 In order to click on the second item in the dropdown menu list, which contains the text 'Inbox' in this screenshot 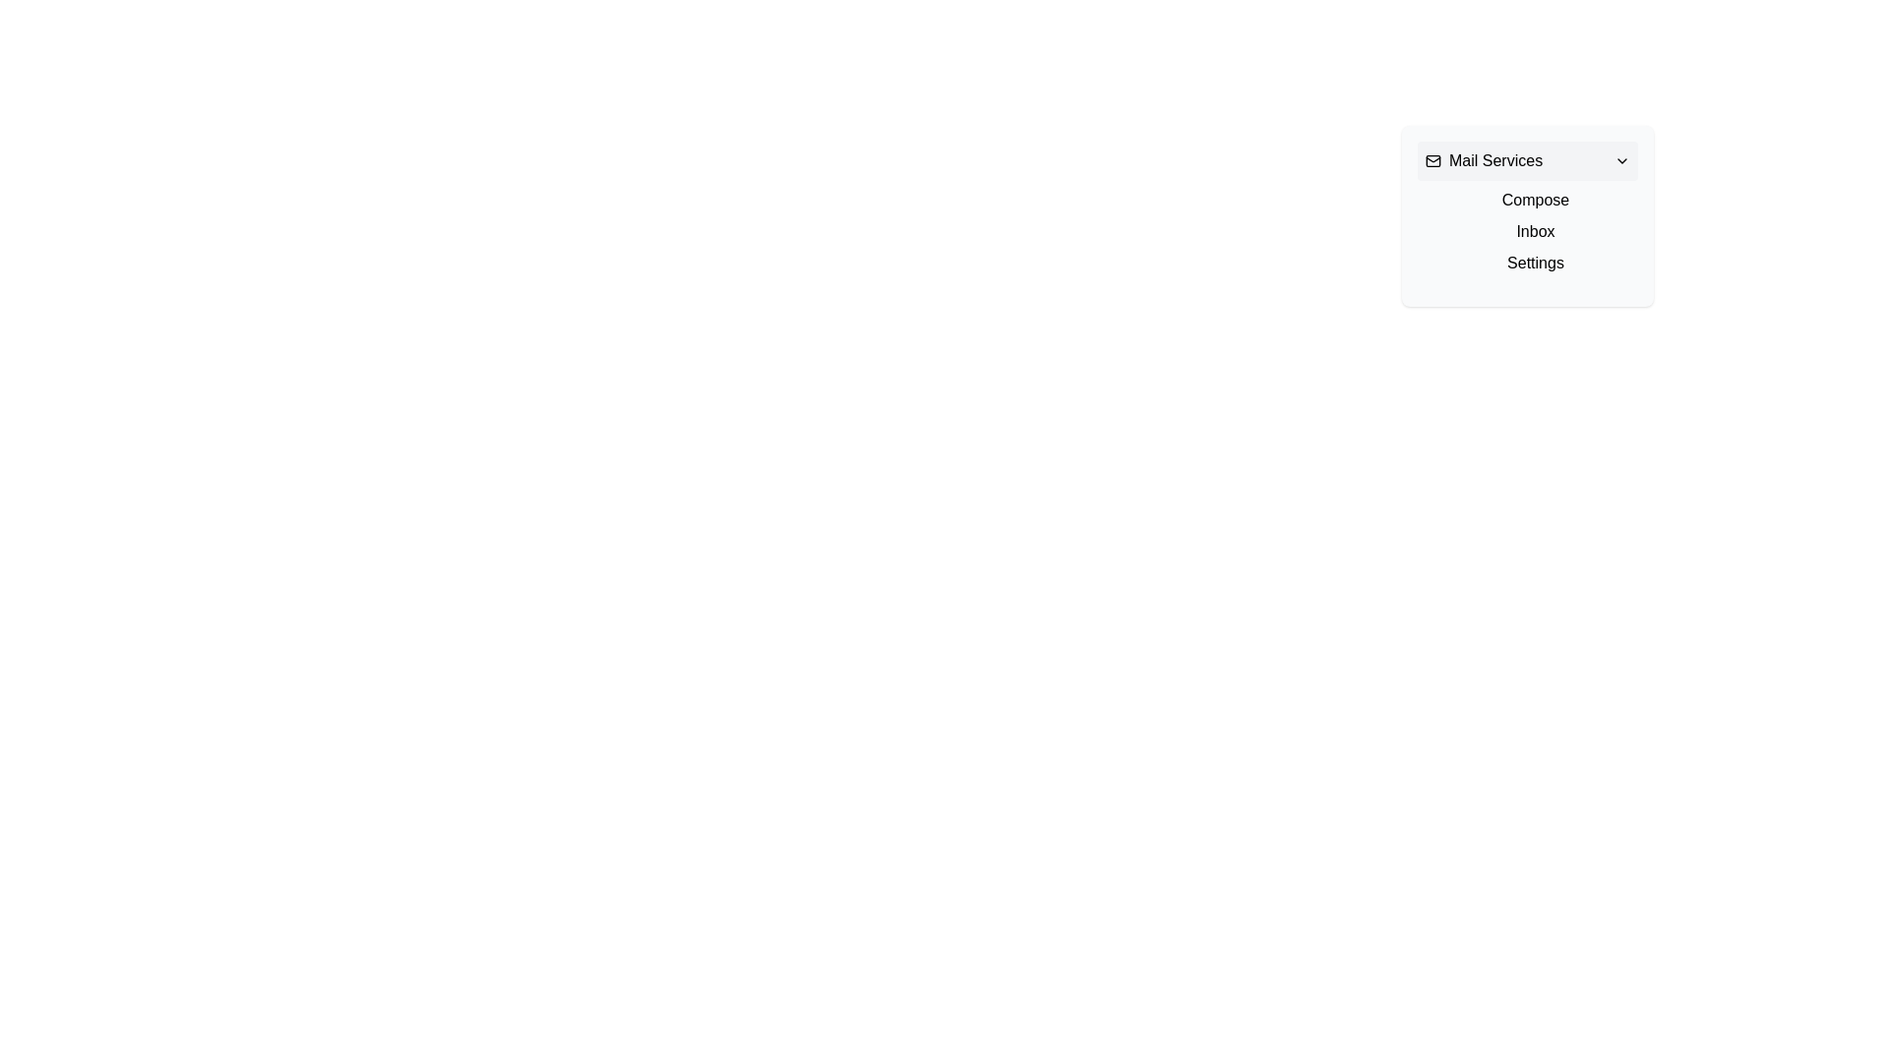, I will do `click(1527, 230)`.